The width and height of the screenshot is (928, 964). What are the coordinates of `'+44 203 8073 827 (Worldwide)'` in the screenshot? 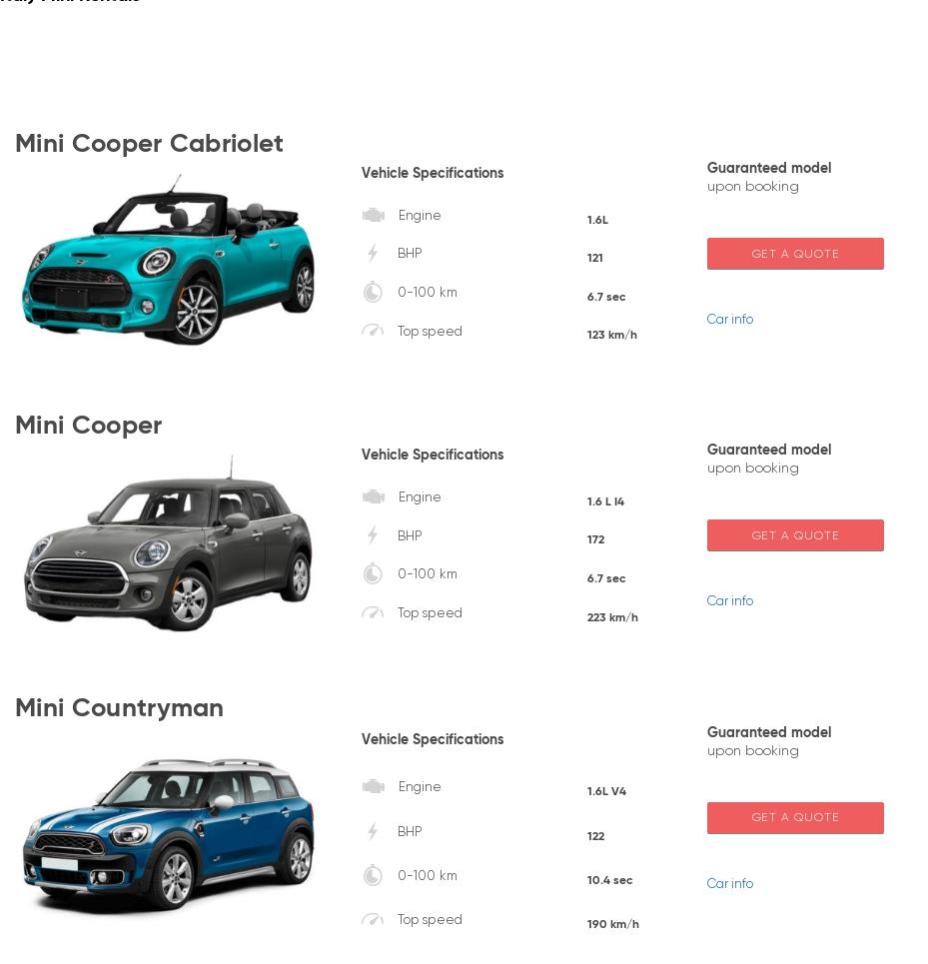 It's located at (86, 846).